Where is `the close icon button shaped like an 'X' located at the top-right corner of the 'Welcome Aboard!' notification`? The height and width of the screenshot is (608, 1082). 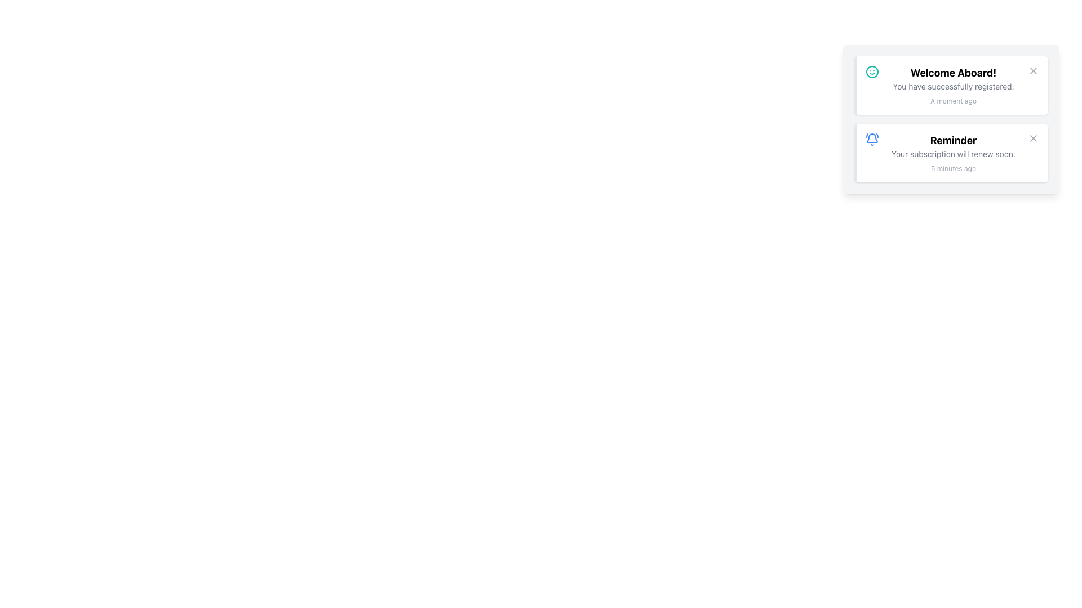 the close icon button shaped like an 'X' located at the top-right corner of the 'Welcome Aboard!' notification is located at coordinates (1033, 71).